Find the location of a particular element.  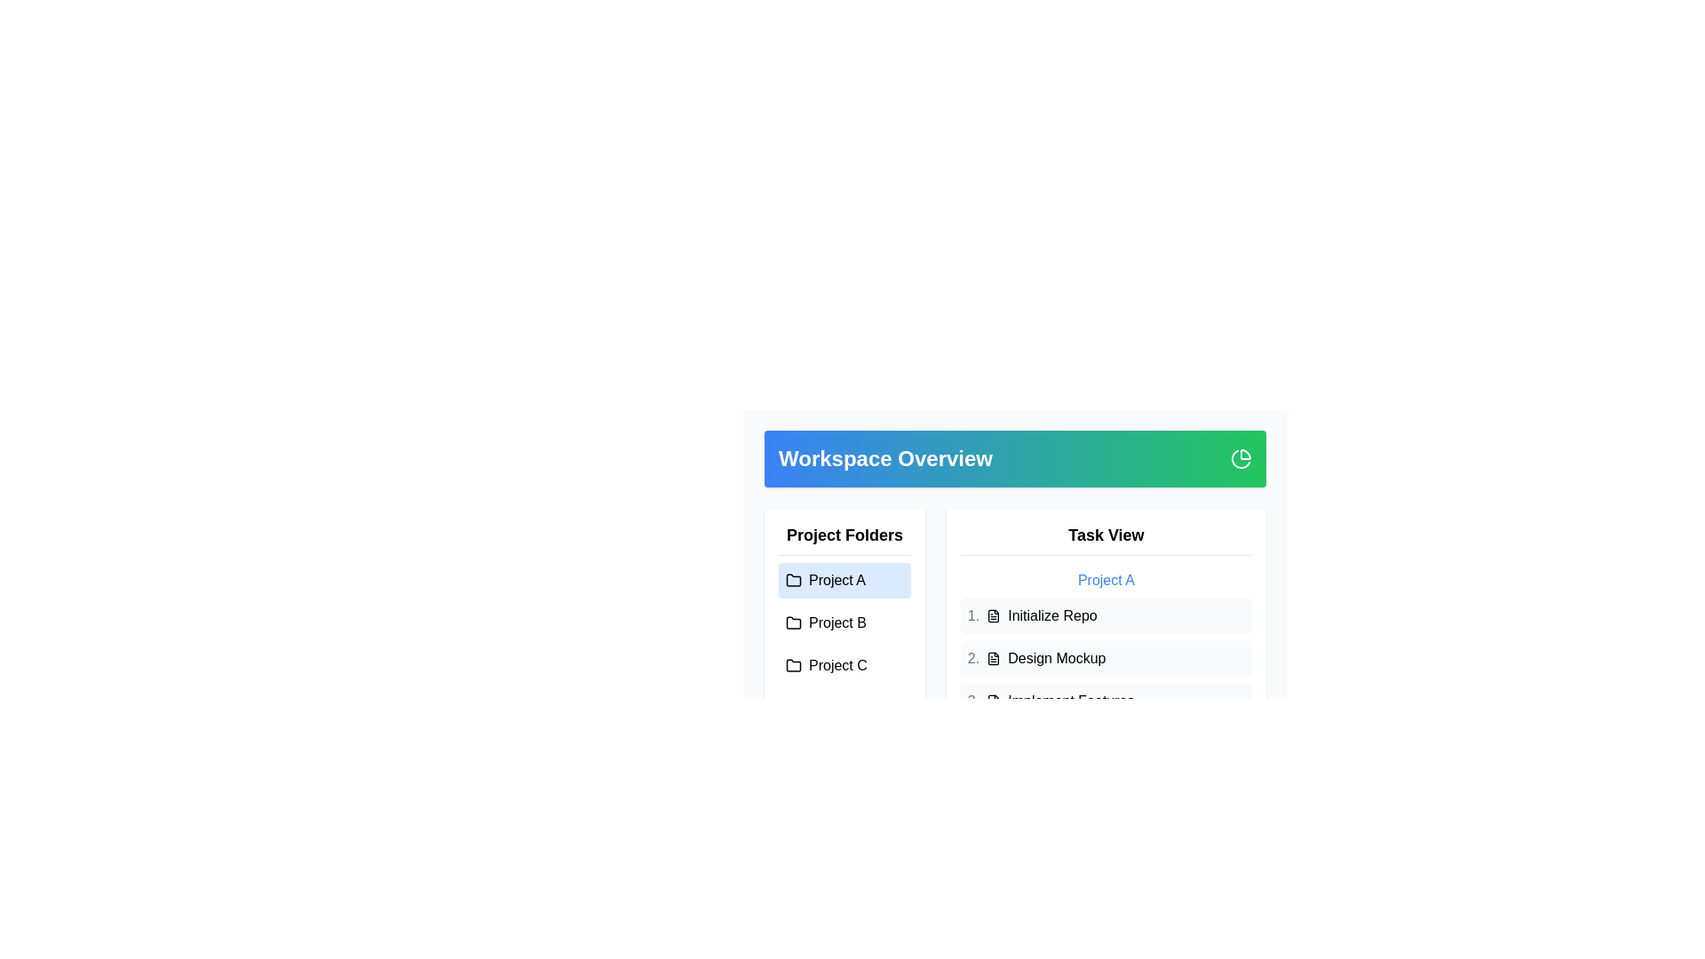

the folder icon in the 'Project Folders' section next to 'Project B' to visually identify the project is located at coordinates (792, 622).